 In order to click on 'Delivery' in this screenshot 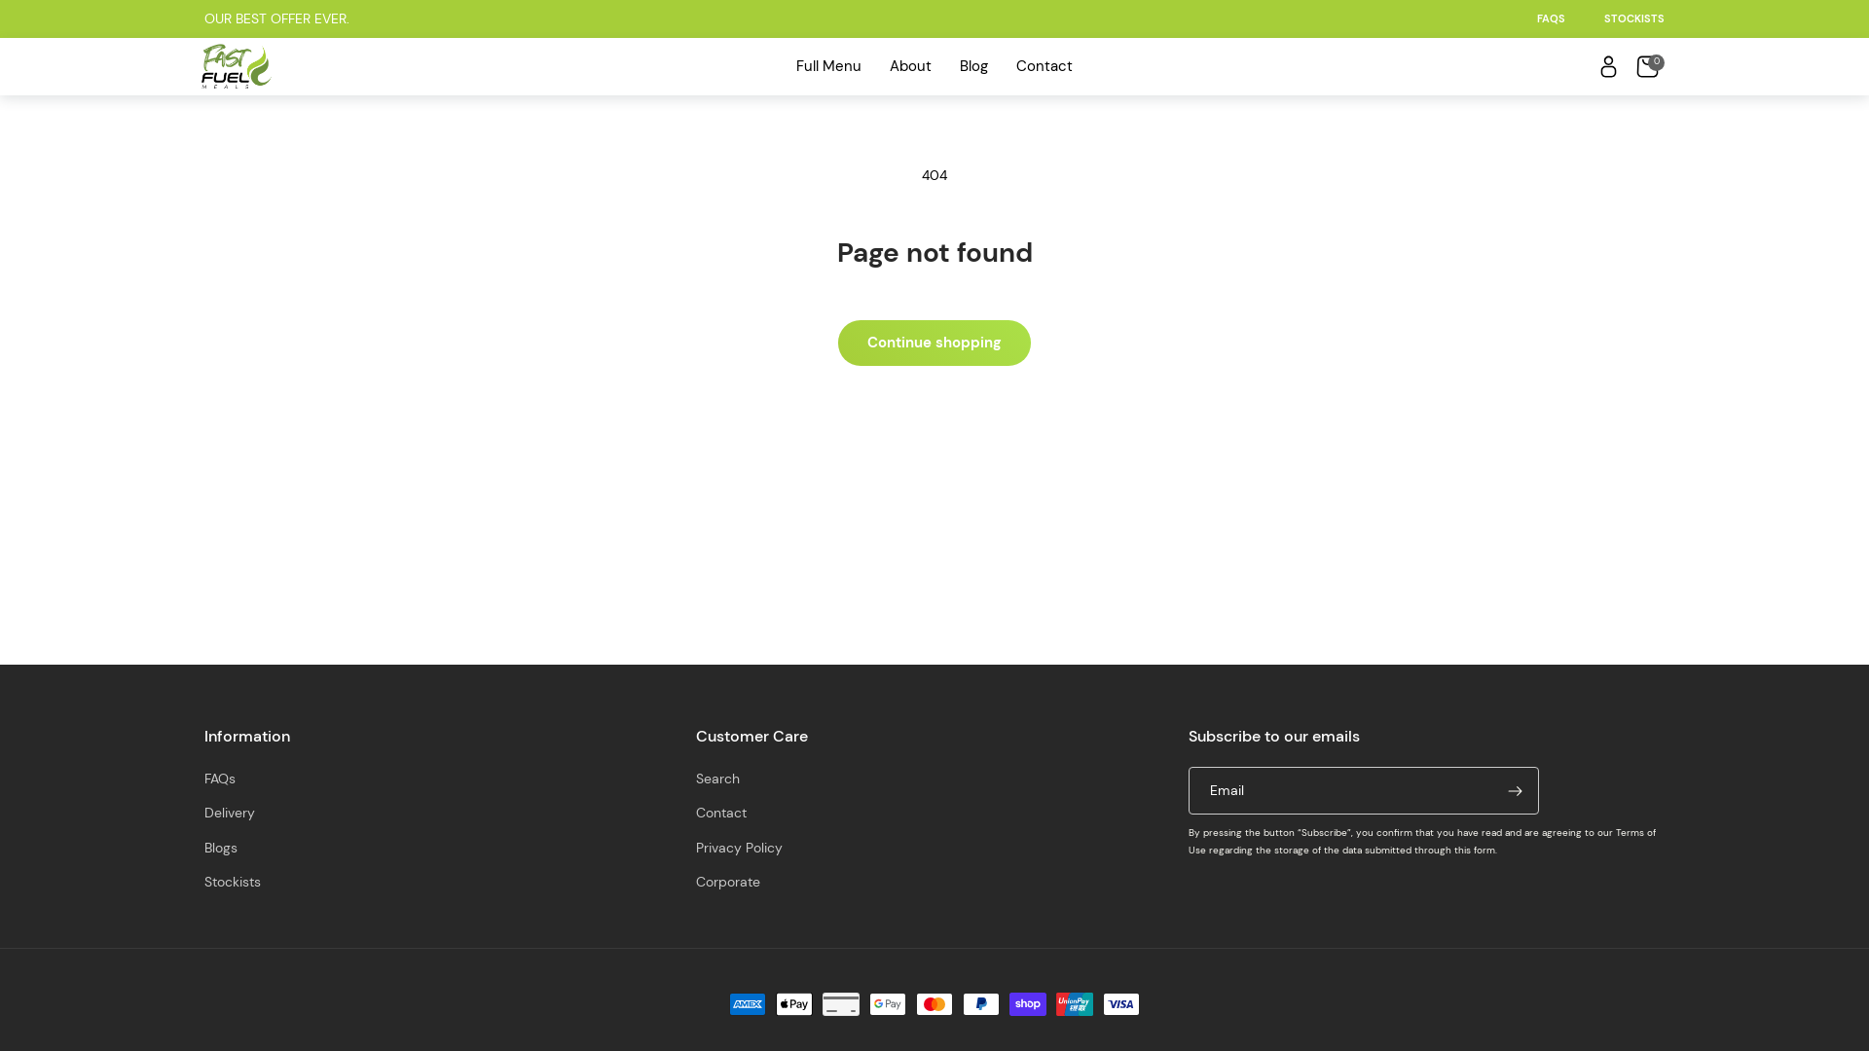, I will do `click(229, 813)`.